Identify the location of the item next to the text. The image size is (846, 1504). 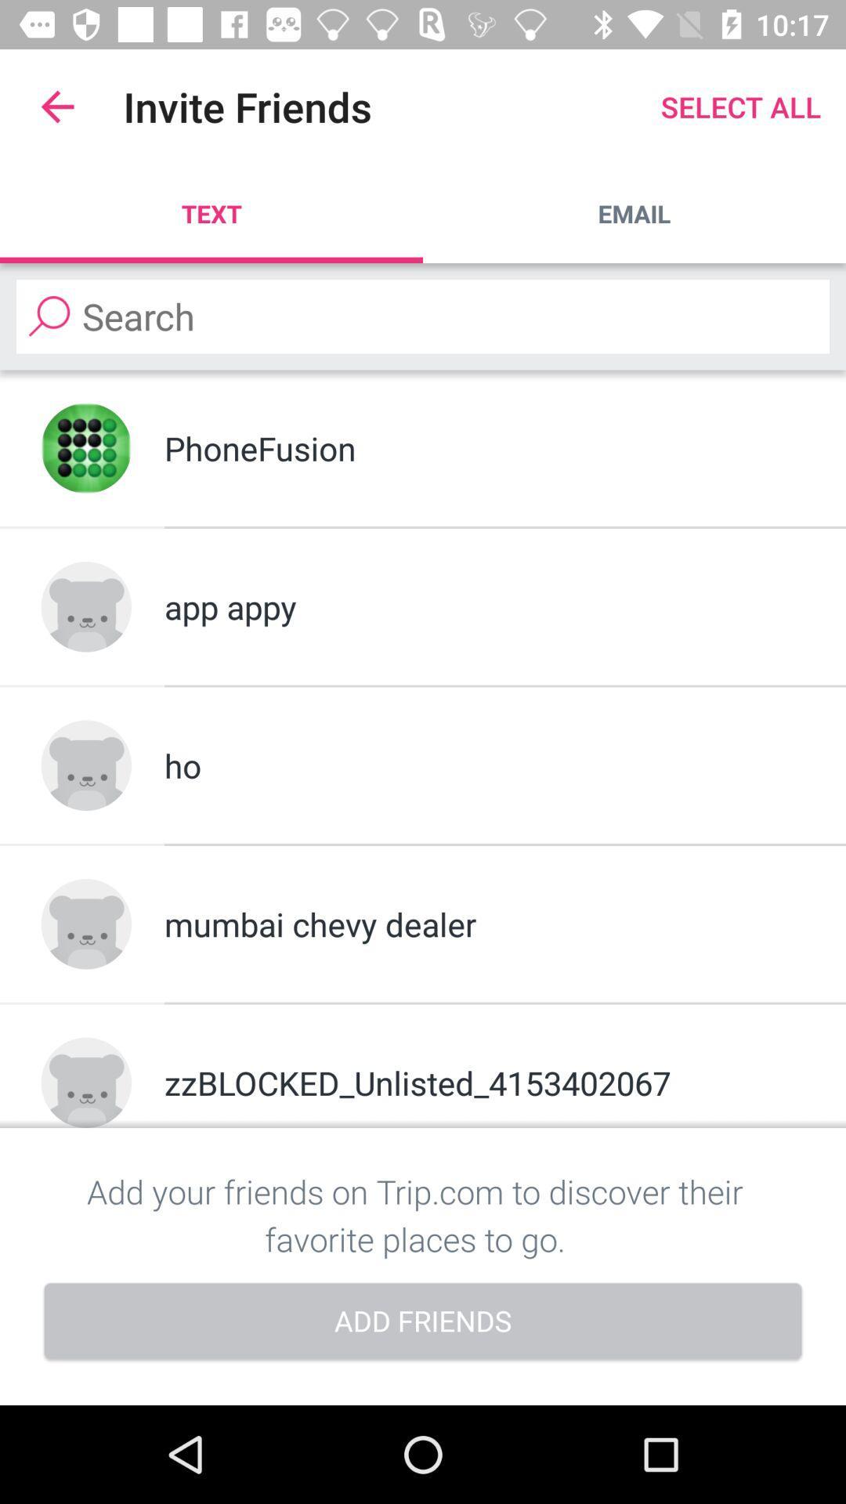
(634, 213).